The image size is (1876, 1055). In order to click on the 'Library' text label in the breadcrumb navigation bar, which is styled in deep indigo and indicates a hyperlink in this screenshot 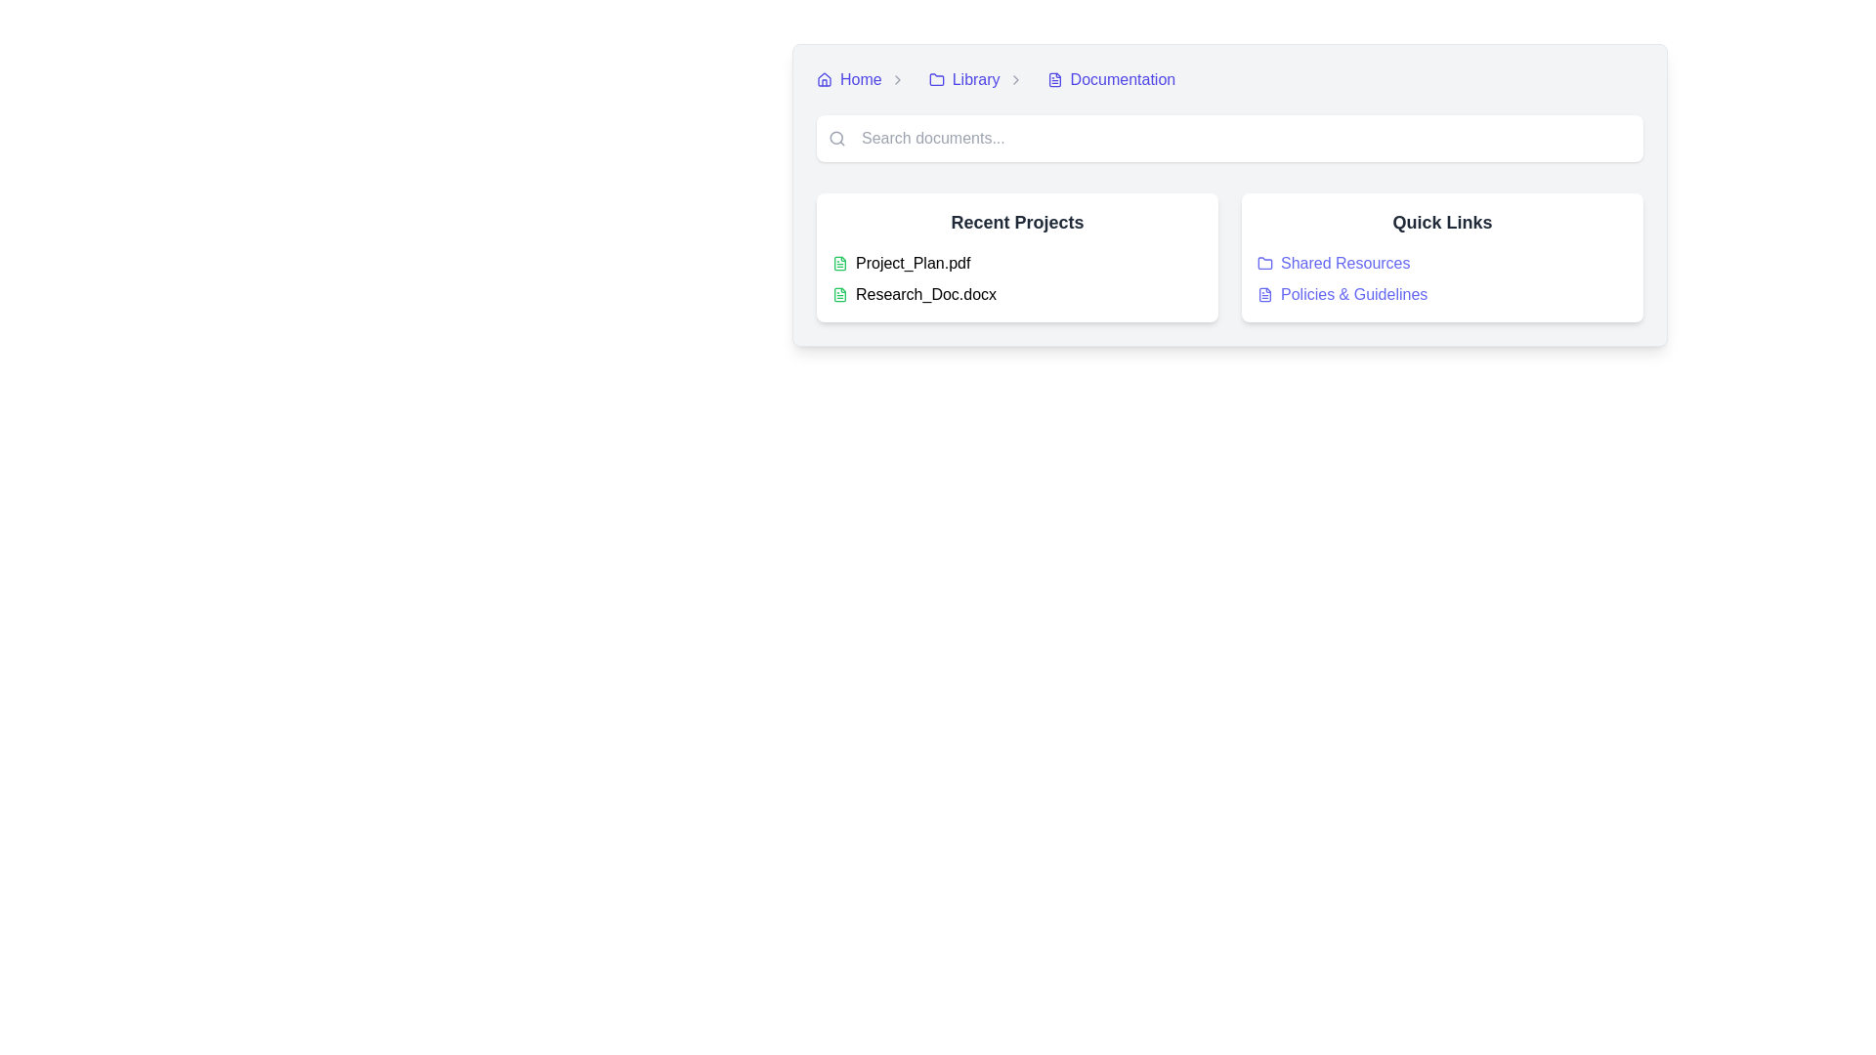, I will do `click(976, 78)`.